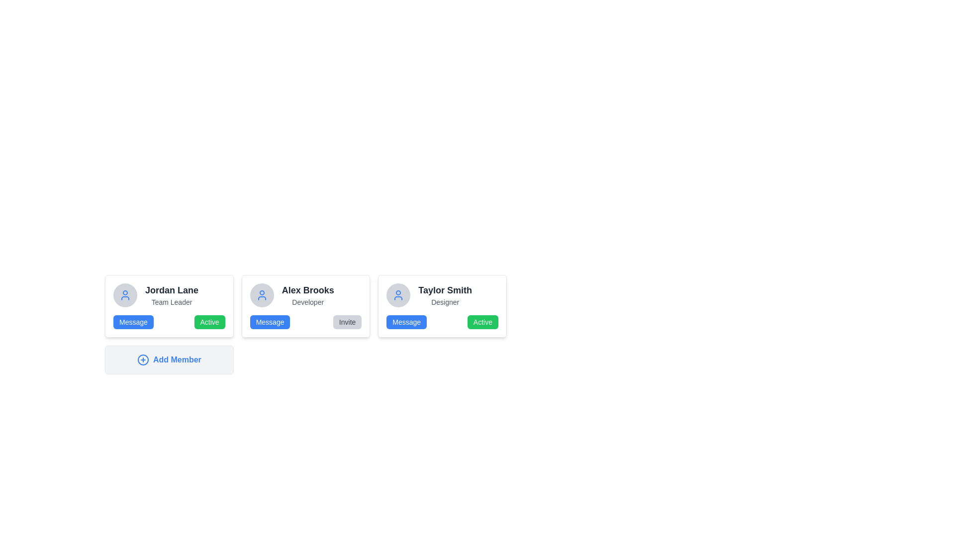  Describe the element at coordinates (172, 295) in the screenshot. I see `text displayed in the profile card element featuring 'Jordan Lane' and 'Team Leader'` at that location.